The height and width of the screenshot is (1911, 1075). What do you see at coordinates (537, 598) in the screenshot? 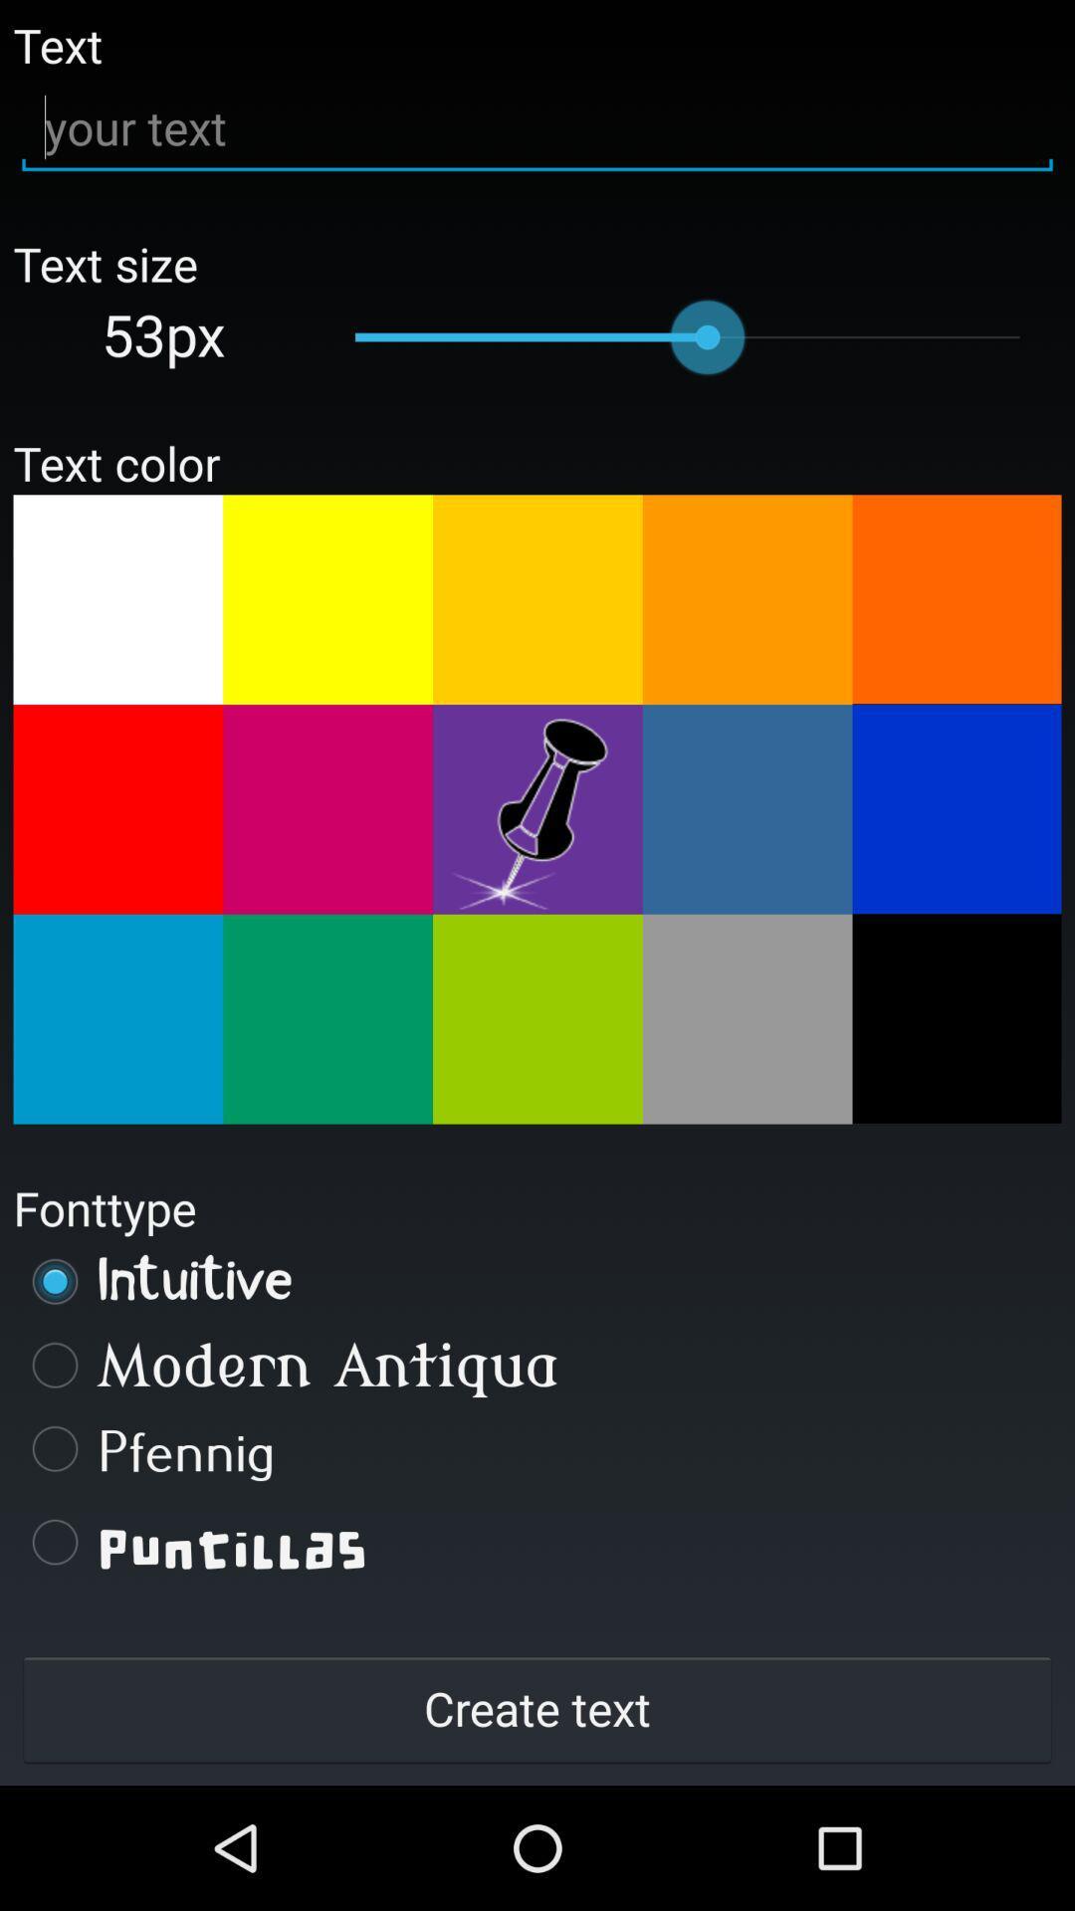
I see `change color` at bounding box center [537, 598].